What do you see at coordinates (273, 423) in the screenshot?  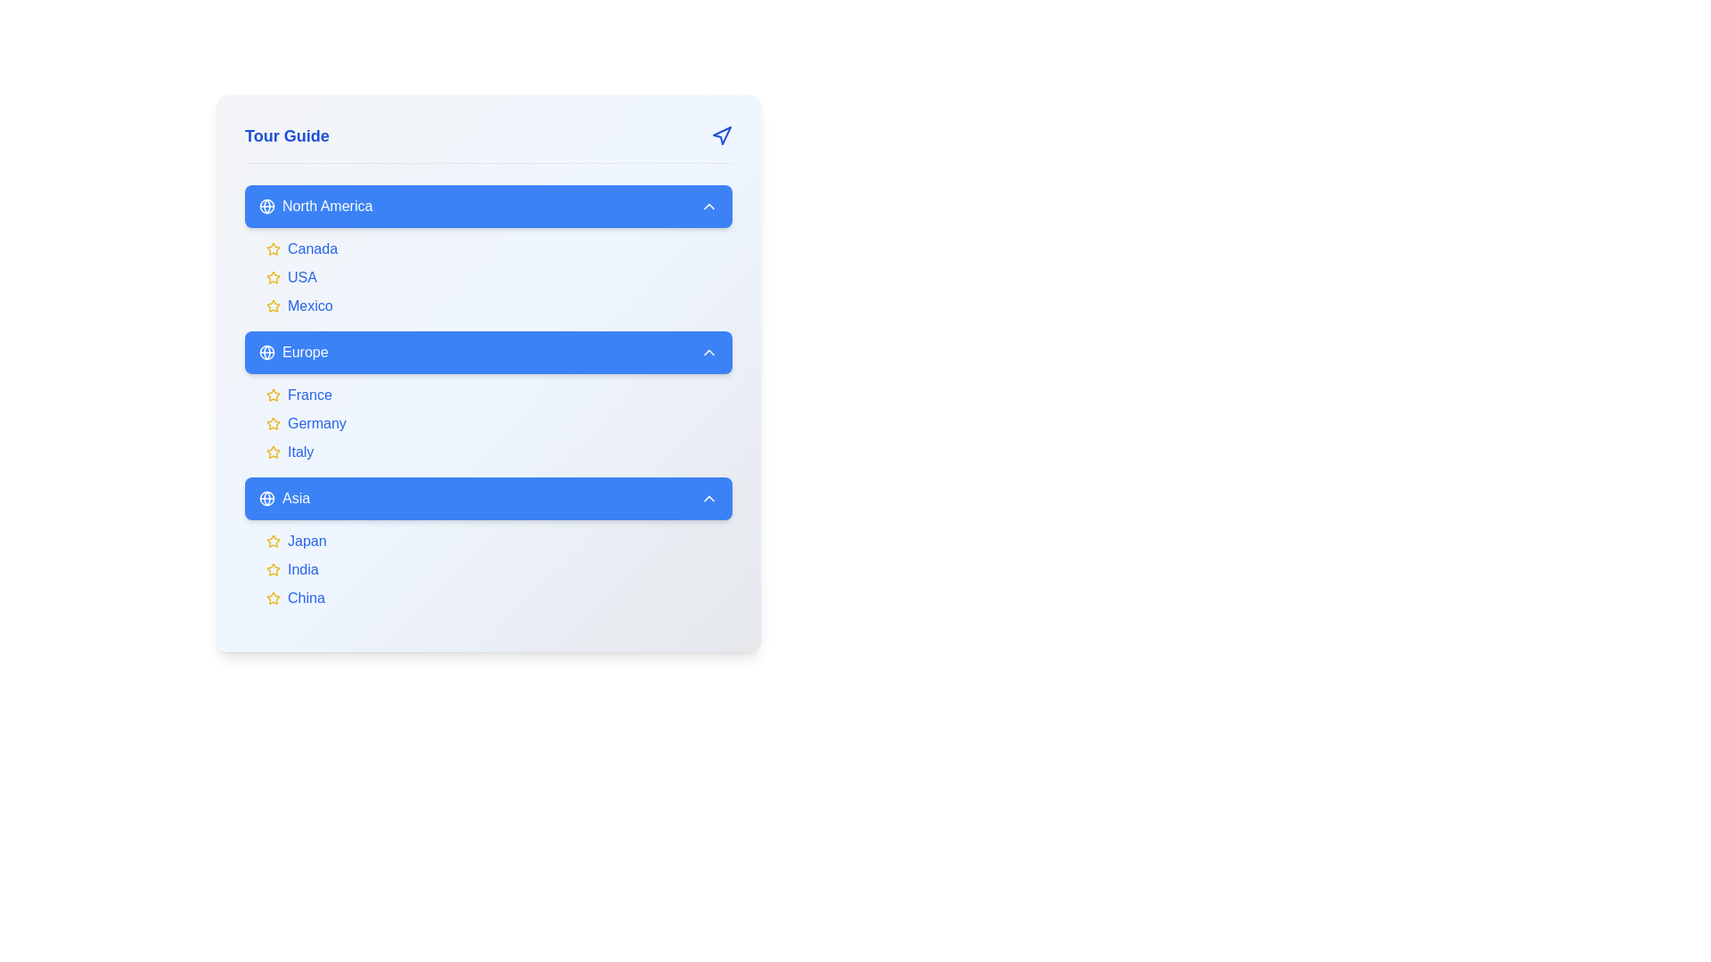 I see `the star icon to favorite or unfavorite the item located to the immediate left of the 'Germany' label under the 'Europe' section` at bounding box center [273, 423].